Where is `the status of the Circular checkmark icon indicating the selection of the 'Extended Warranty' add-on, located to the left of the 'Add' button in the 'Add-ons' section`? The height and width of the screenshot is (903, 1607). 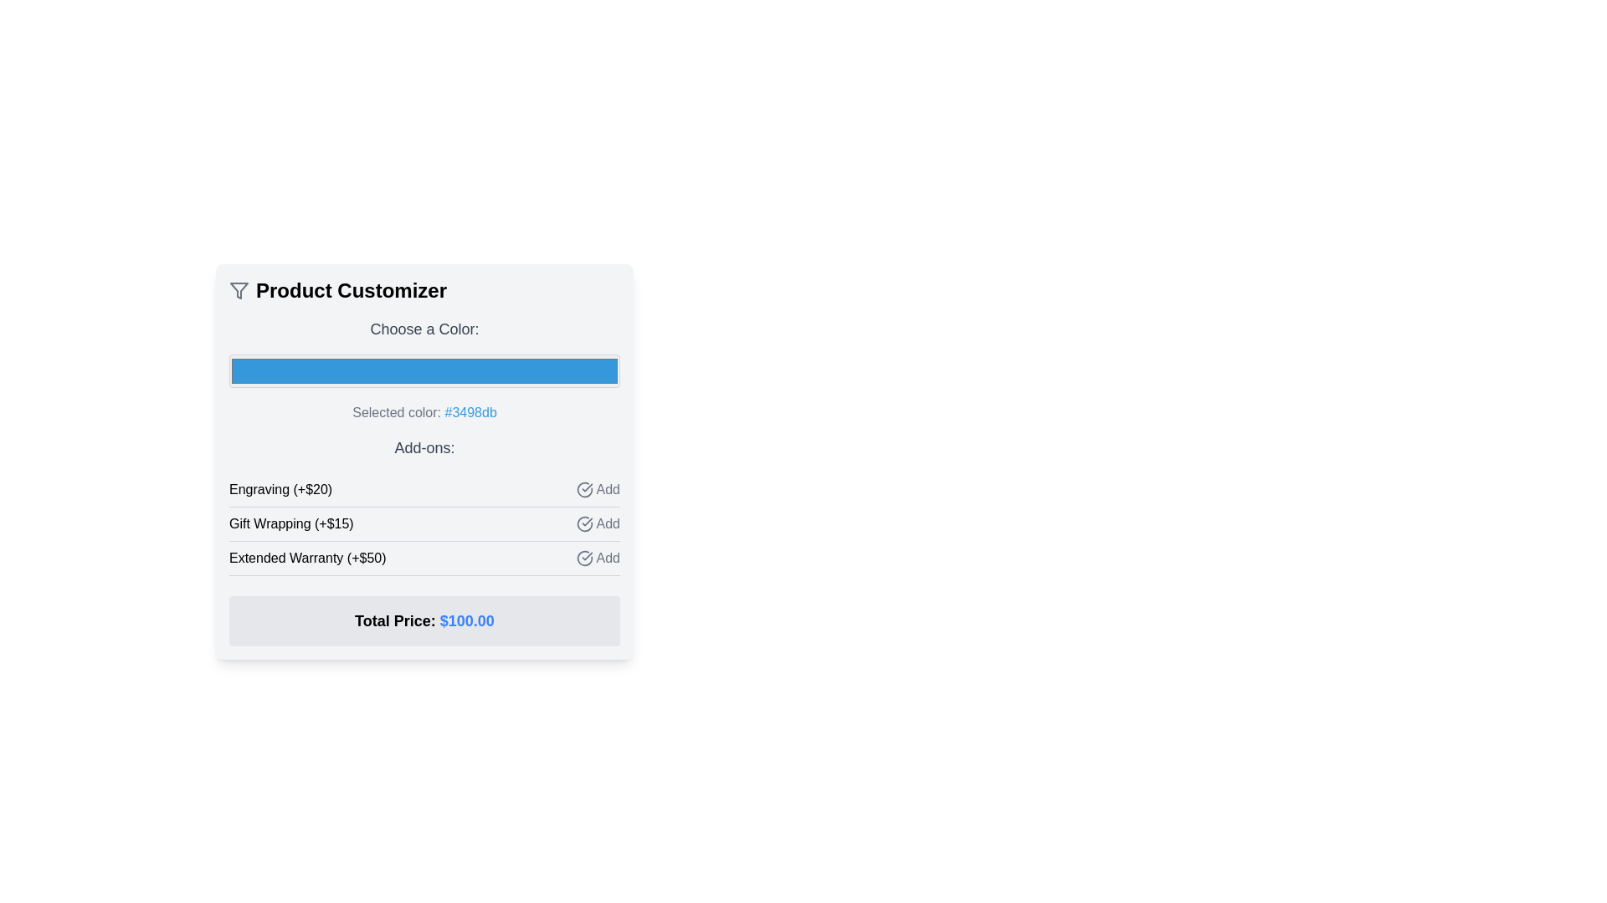
the status of the Circular checkmark icon indicating the selection of the 'Extended Warranty' add-on, located to the left of the 'Add' button in the 'Add-ons' section is located at coordinates (584, 558).